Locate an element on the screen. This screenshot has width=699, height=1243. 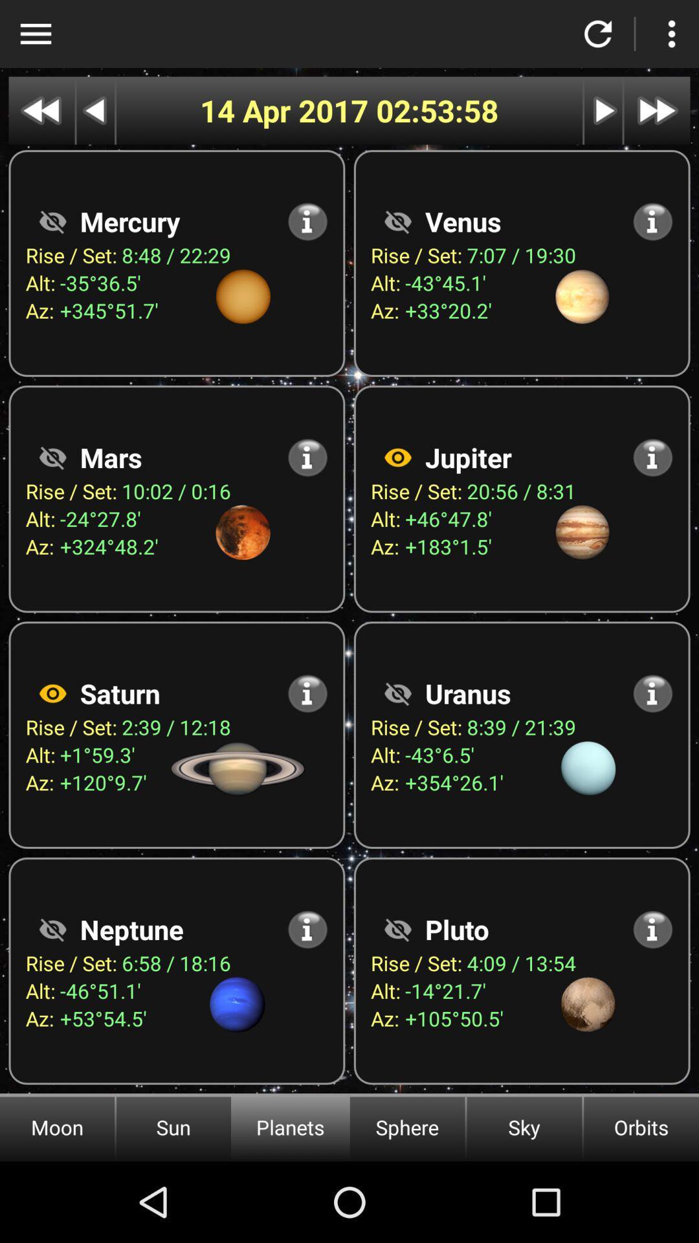
previous day is located at coordinates (94, 111).